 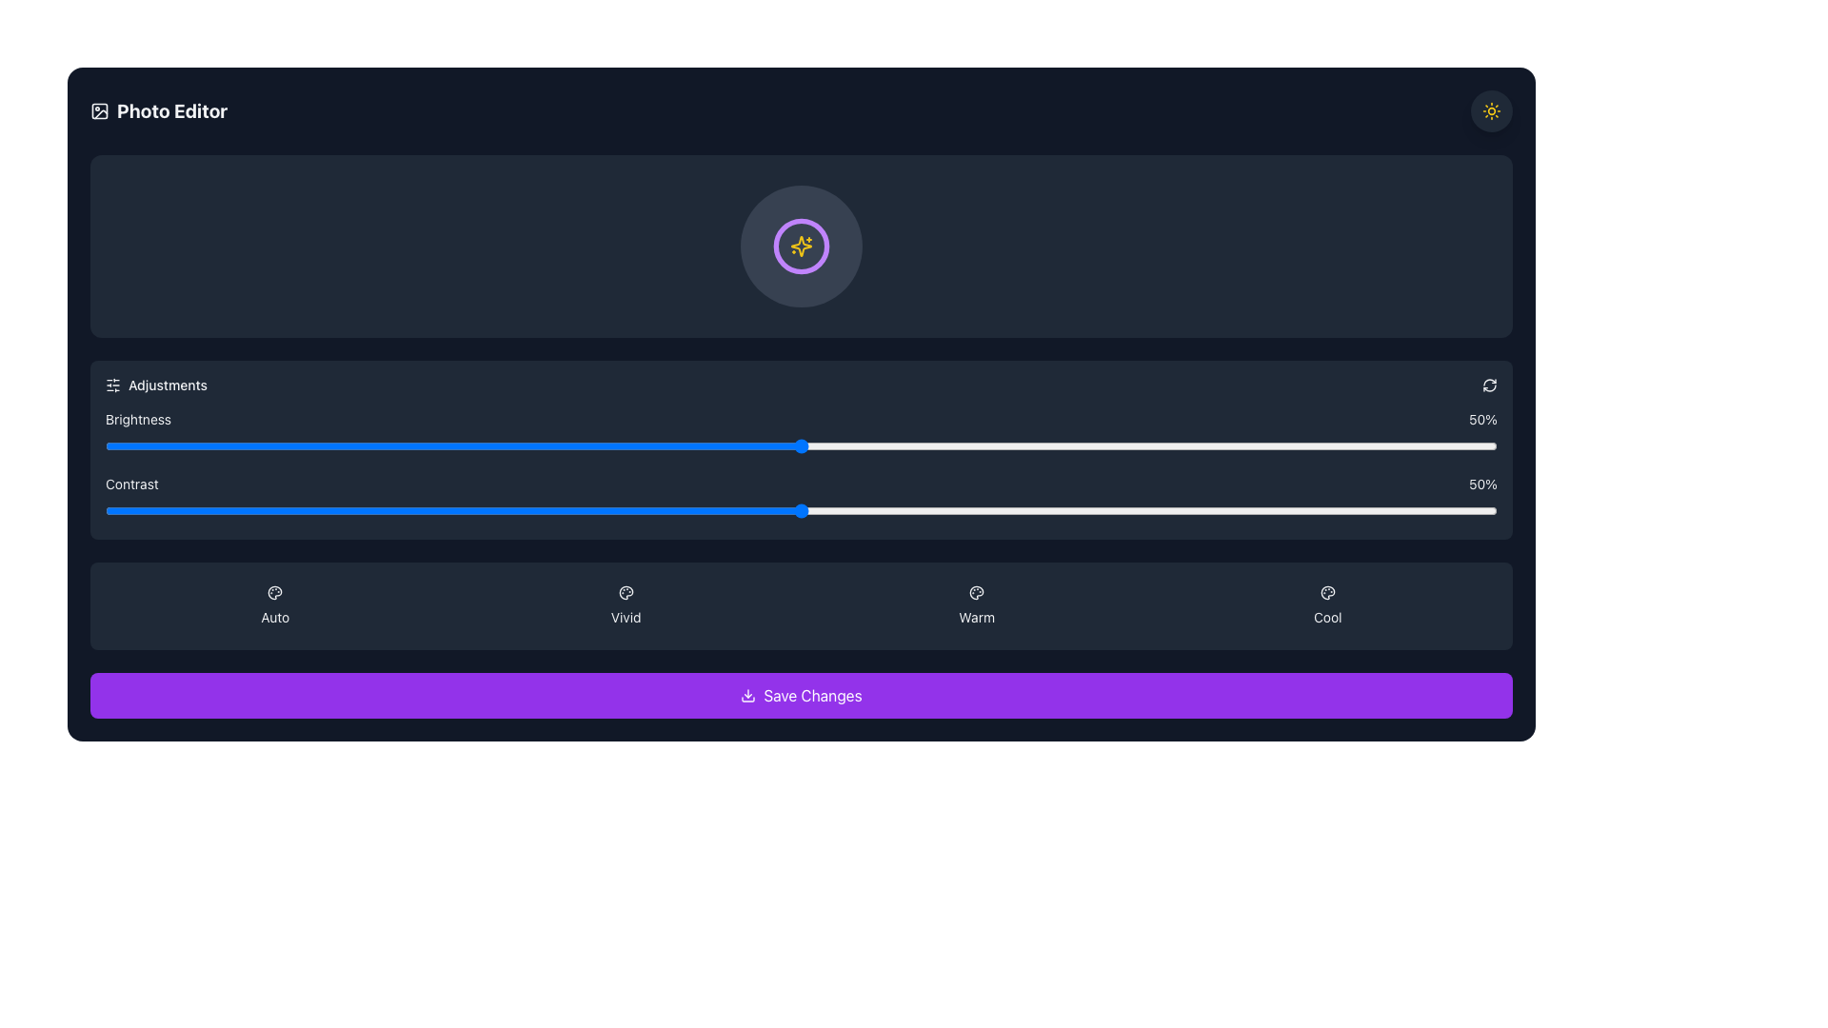 I want to click on the 'Vivid' button, which is the second button in a row of four buttons located at the bottom part of the interface, so click(x=626, y=605).